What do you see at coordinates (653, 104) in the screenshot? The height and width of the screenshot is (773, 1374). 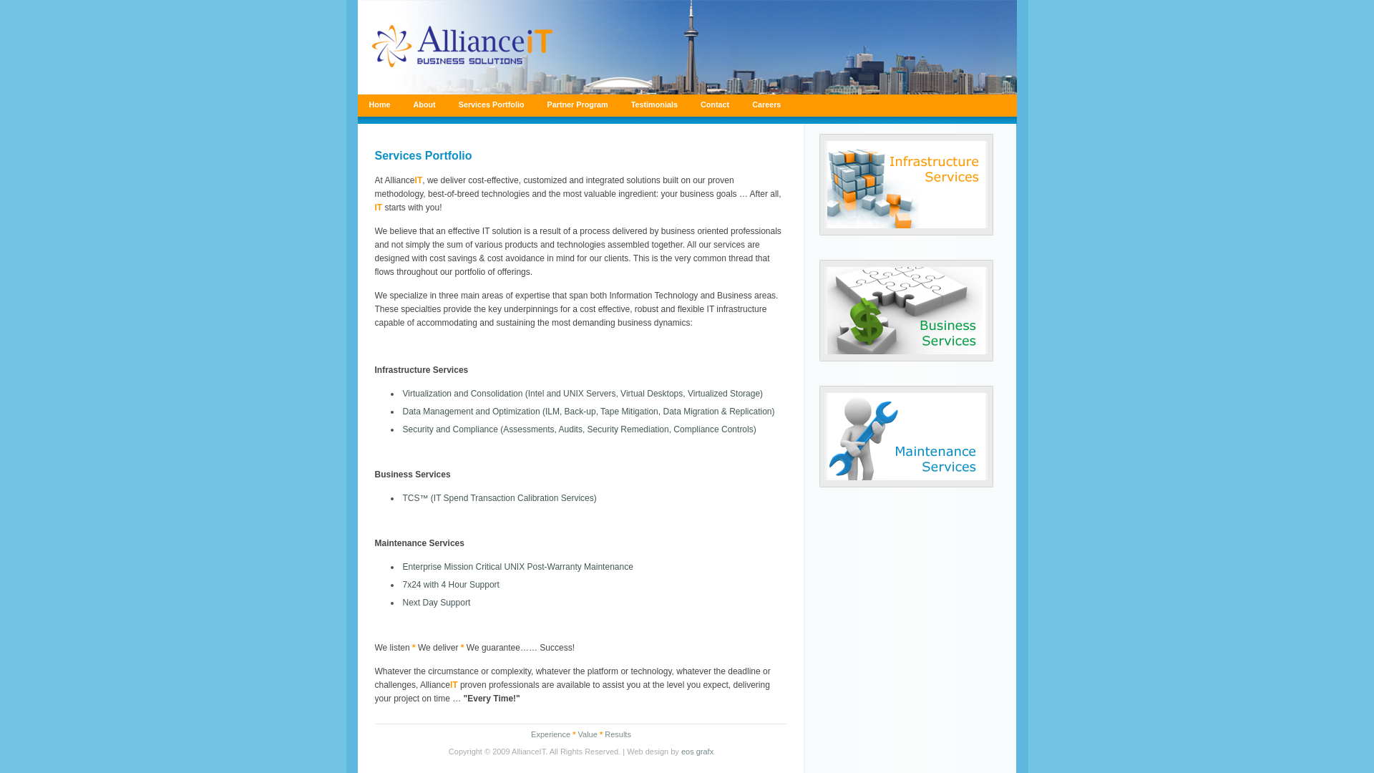 I see `'Testimonials'` at bounding box center [653, 104].